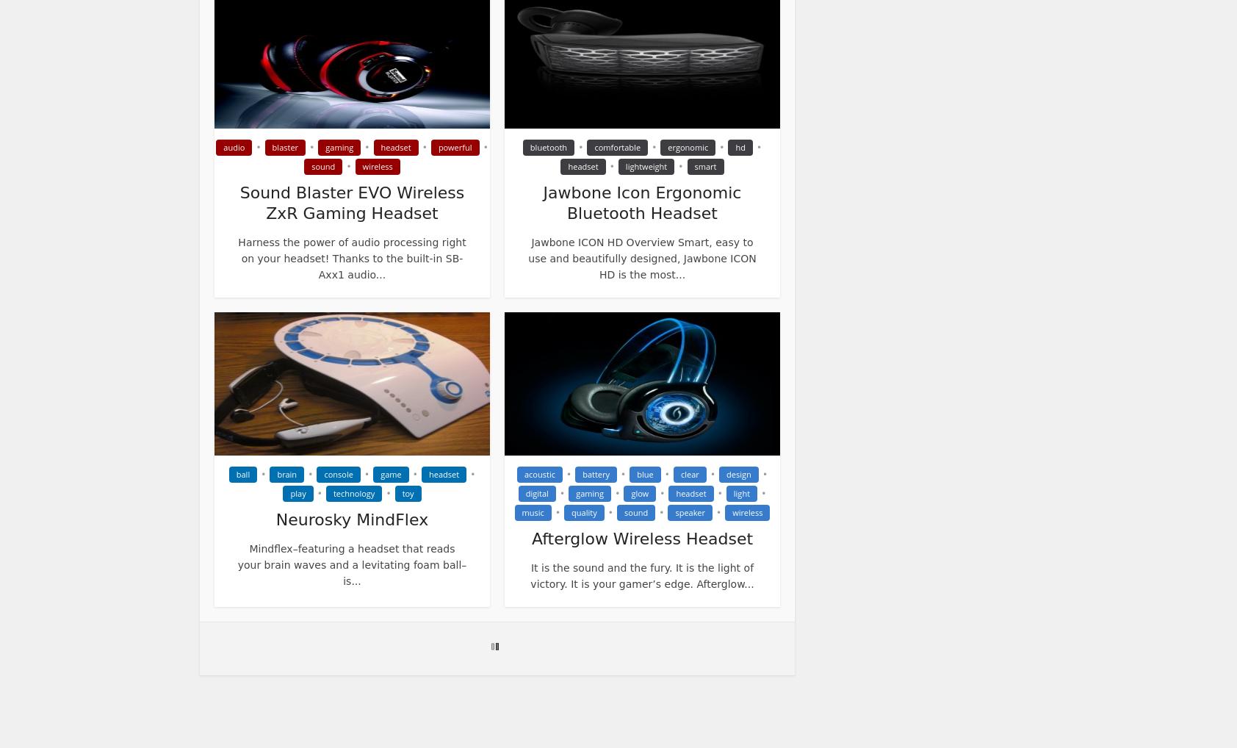  Describe the element at coordinates (297, 493) in the screenshot. I see `'play'` at that location.